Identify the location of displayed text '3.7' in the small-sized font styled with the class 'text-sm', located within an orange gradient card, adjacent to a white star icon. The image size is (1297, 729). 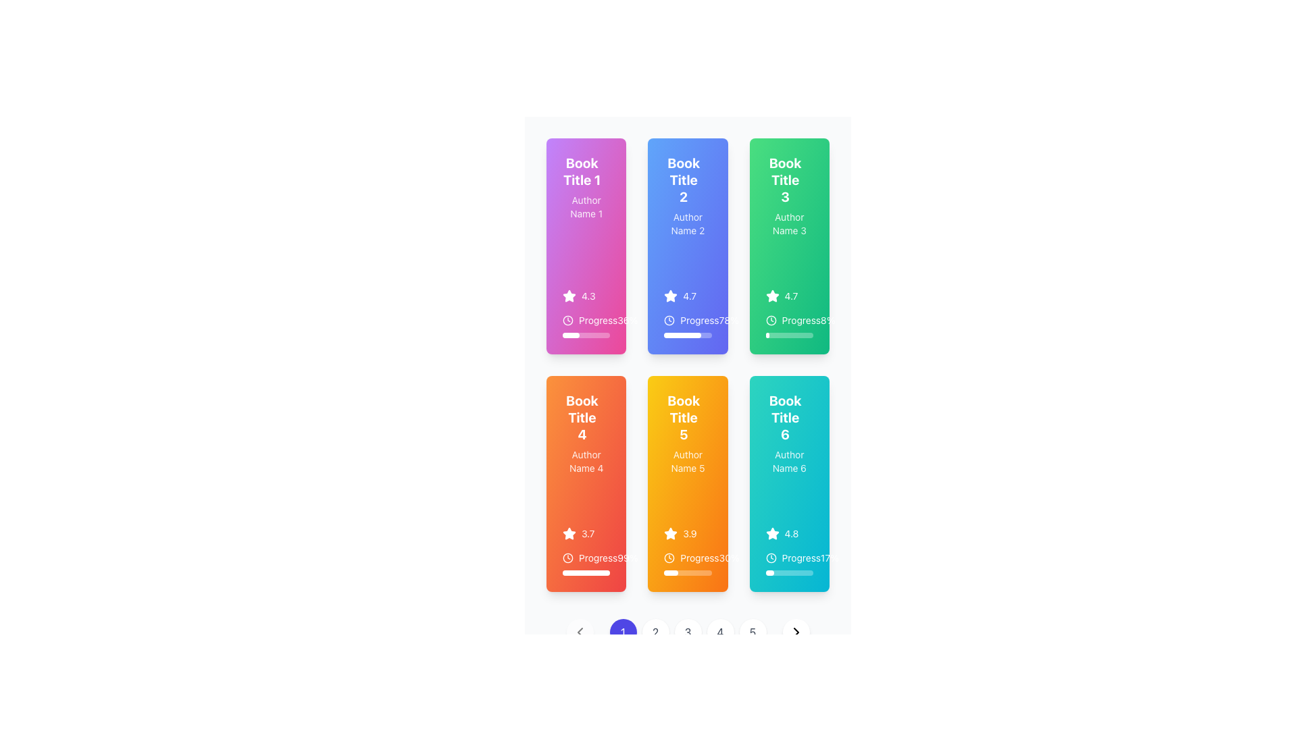
(588, 533).